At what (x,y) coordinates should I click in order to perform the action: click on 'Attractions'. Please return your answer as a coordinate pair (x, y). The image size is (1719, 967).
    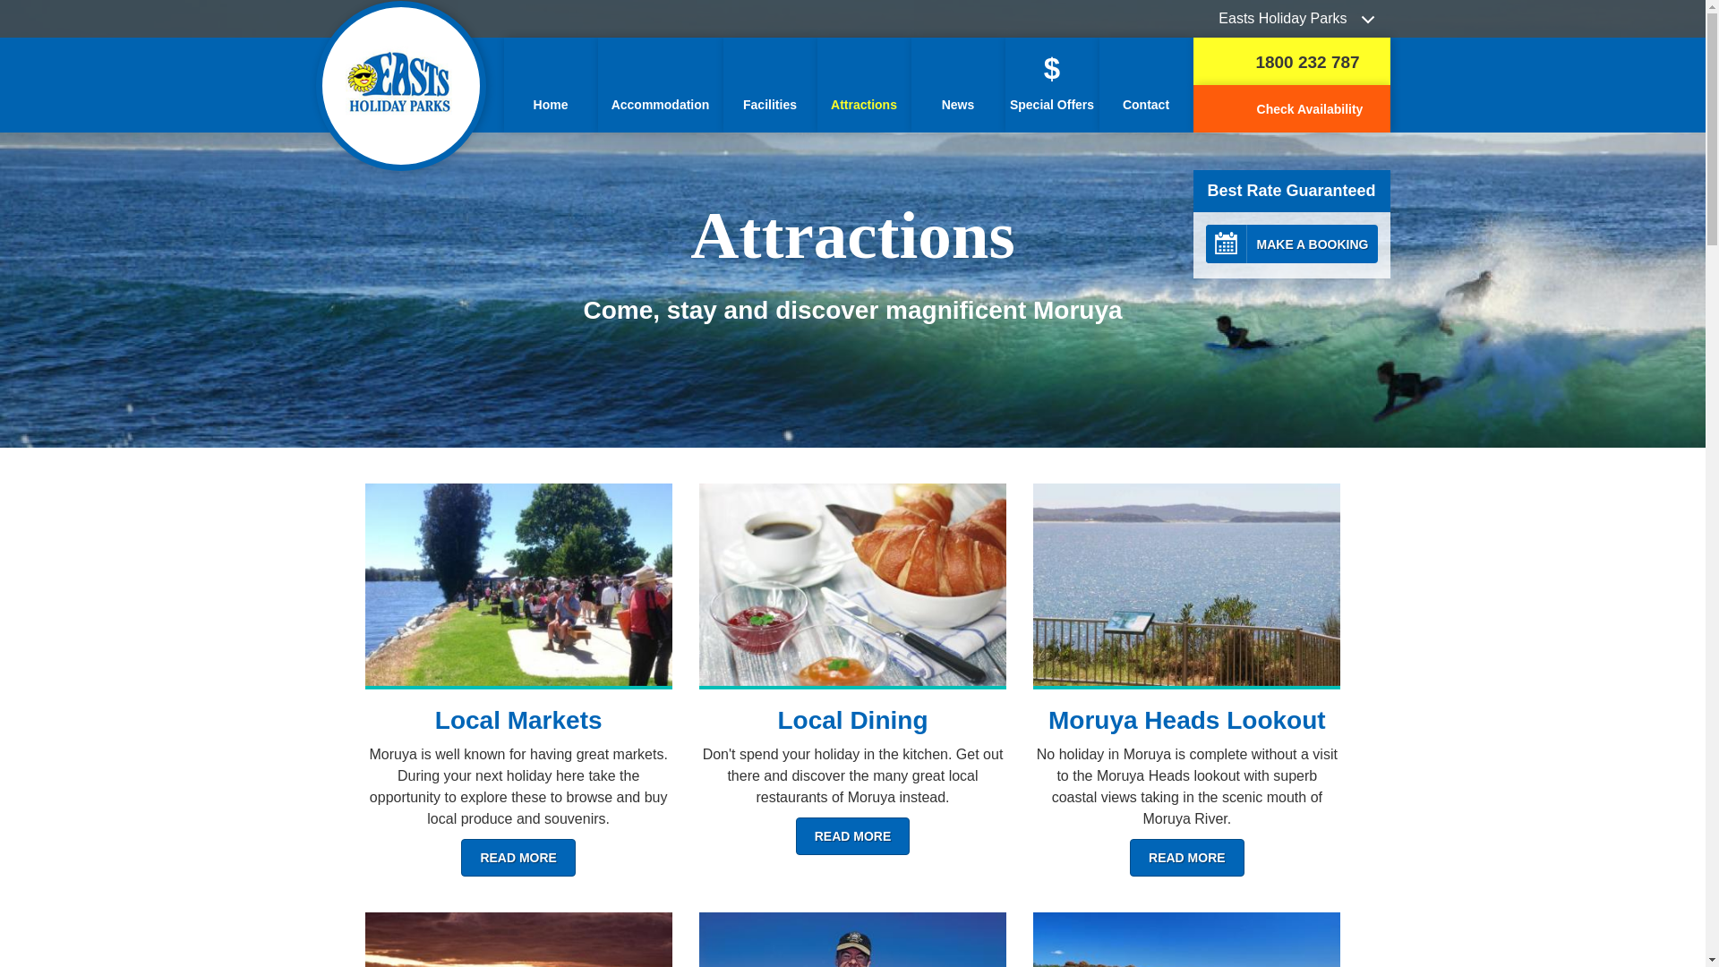
    Looking at the image, I should click on (863, 85).